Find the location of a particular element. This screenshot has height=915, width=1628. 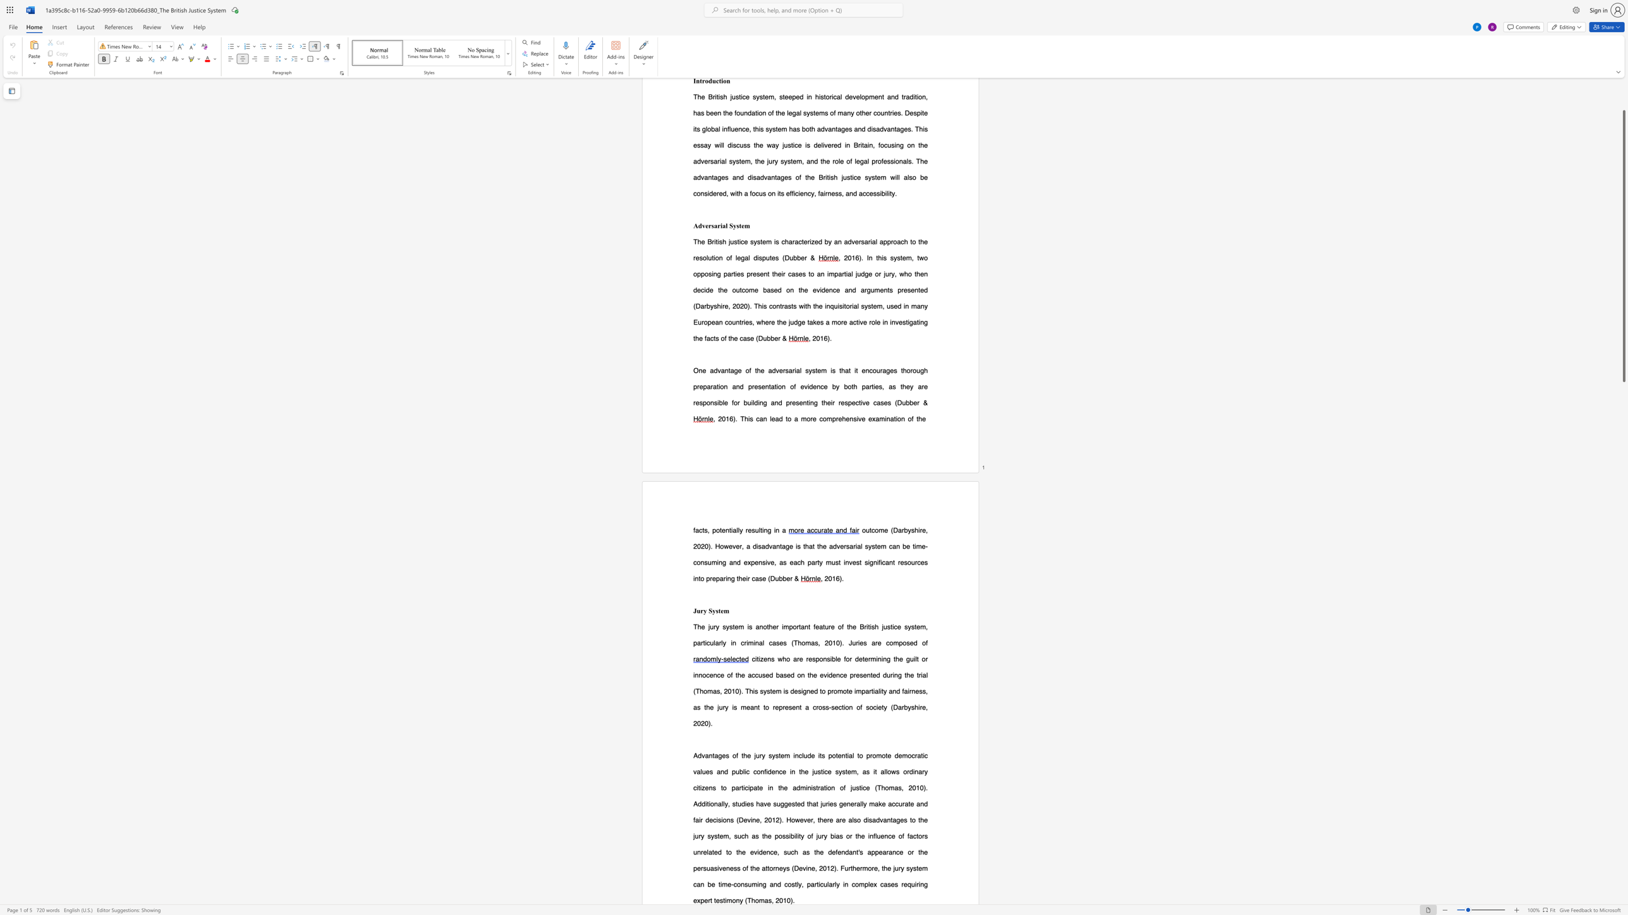

the subset text "larly in complex cases requiring expert testimony (Thomas, 20" within the text "and fair decisions (Devine, 2012). However, there are also disadvantages to the jury system, such as the possibility of jury bias or the influence of factors unrelated to the evidence, such as the defendant" is located at coordinates (827, 884).